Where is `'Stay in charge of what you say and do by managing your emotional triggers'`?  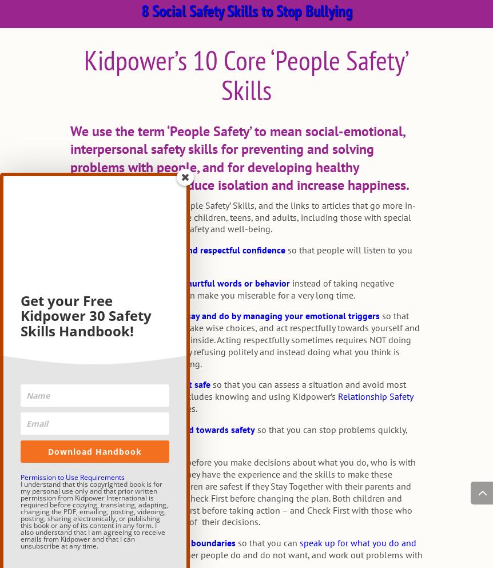 'Stay in charge of what you say and do by managing your emotional triggers' is located at coordinates (227, 315).